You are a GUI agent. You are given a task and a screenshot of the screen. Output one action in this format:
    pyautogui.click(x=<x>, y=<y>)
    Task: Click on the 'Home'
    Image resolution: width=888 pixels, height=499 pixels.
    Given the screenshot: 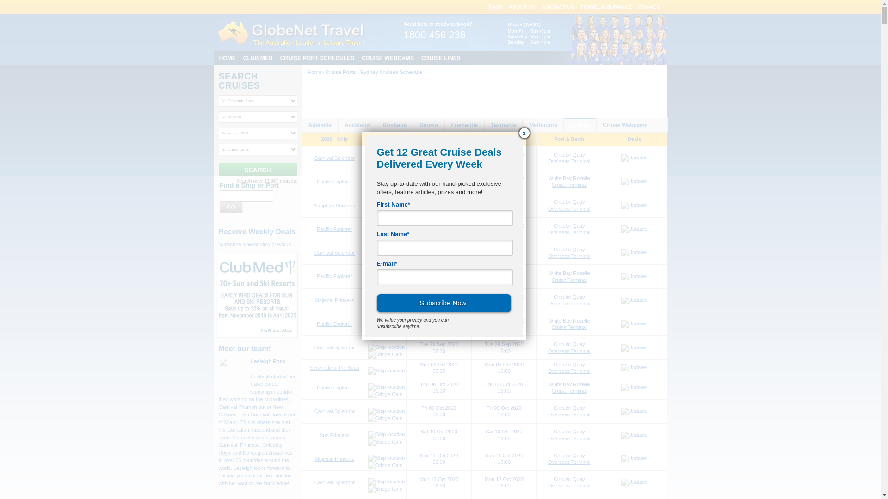 What is the action you would take?
    pyautogui.click(x=314, y=71)
    